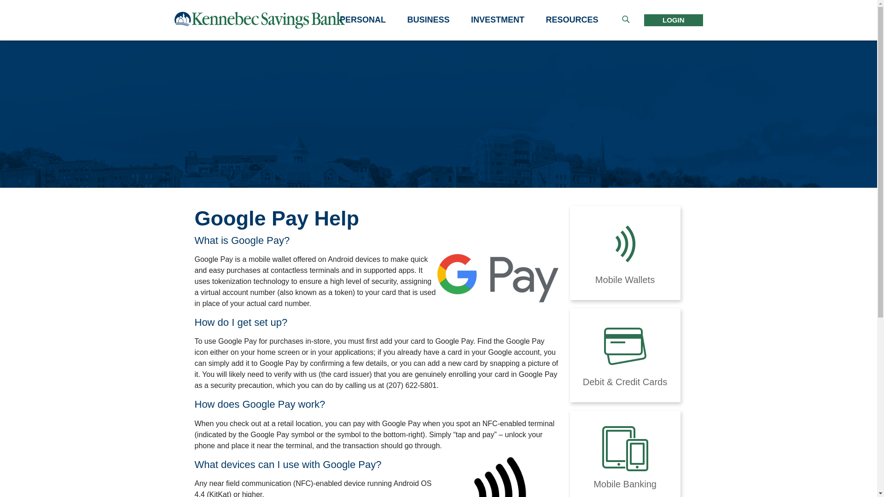 This screenshot has width=884, height=497. What do you see at coordinates (465, 20) in the screenshot?
I see `'INVESTMENT'` at bounding box center [465, 20].